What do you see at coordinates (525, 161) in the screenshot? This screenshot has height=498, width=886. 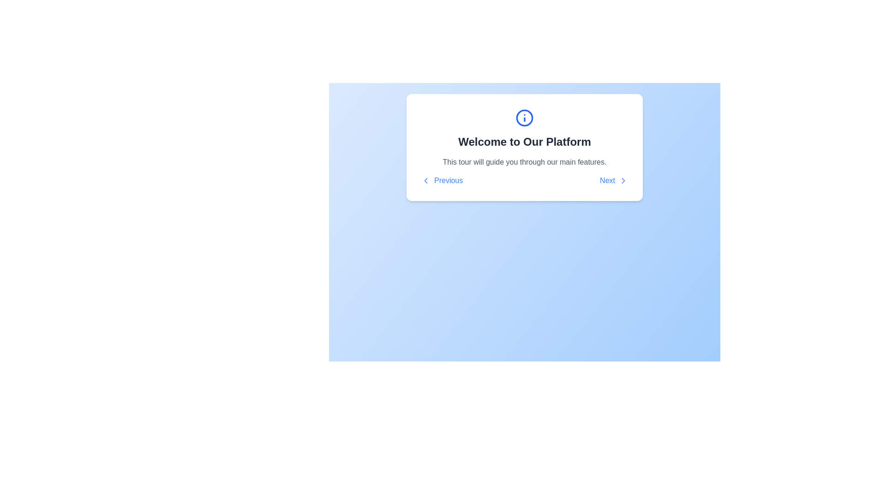 I see `the Text Label that provides information about the feature tour, located below the title 'Welcome to Our Platform' and above the navigation buttons 'Previous' and 'Next'` at bounding box center [525, 161].